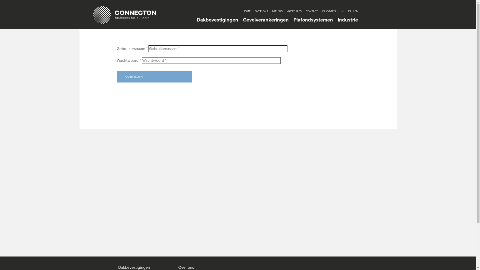 This screenshot has width=480, height=270. What do you see at coordinates (356, 11) in the screenshot?
I see `'EN'` at bounding box center [356, 11].